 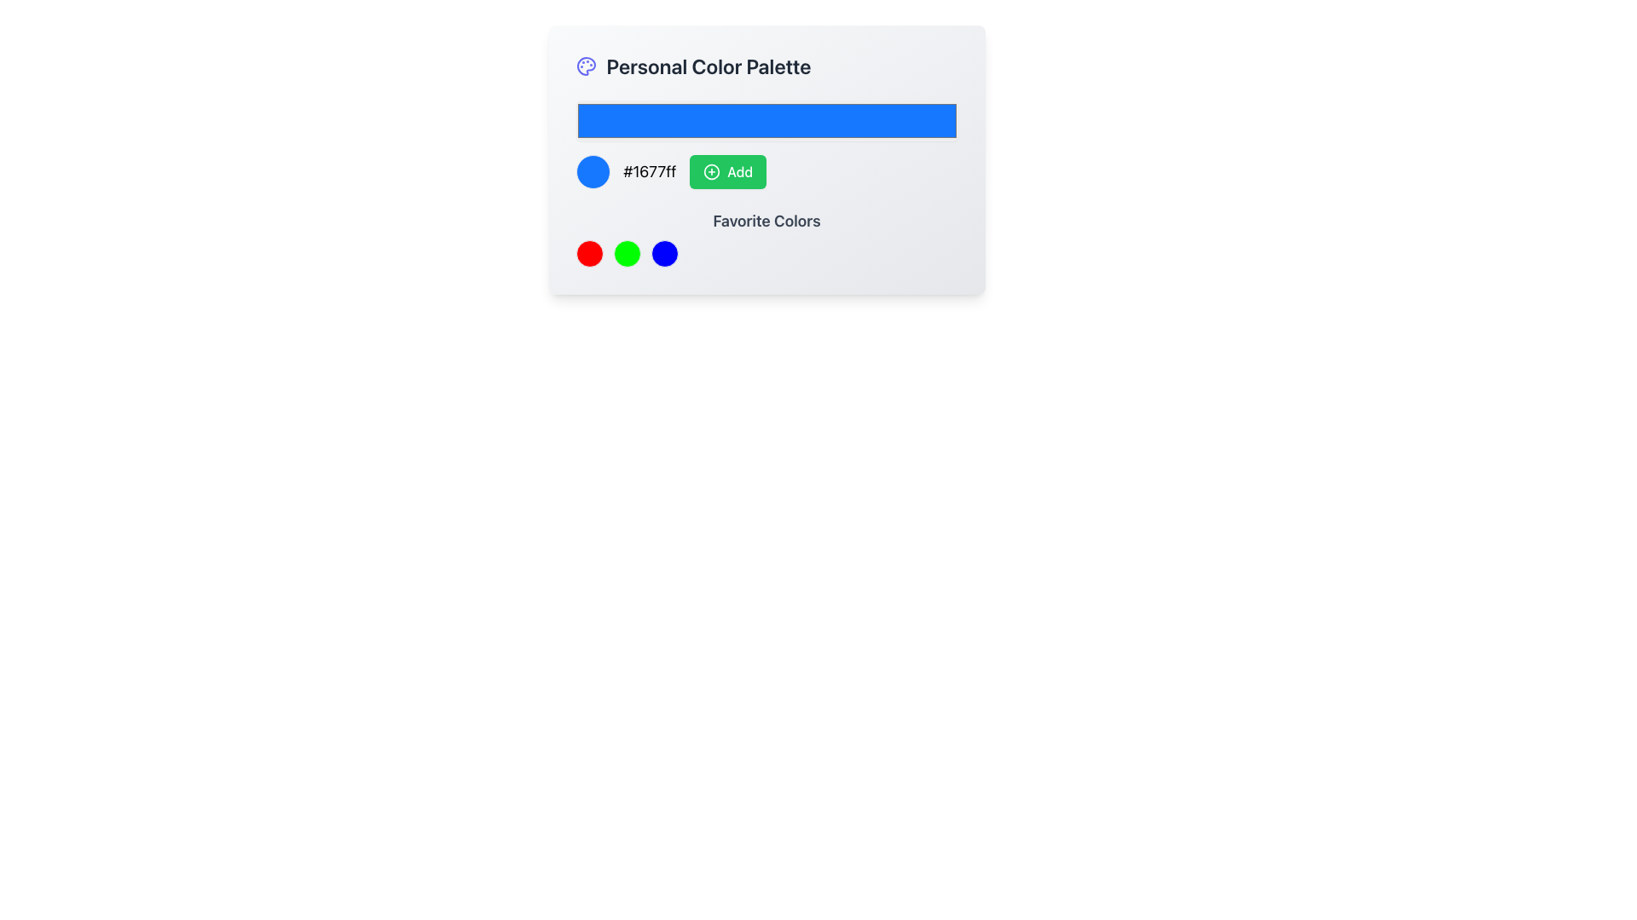 I want to click on the circular indigo palette icon with paint blob cutouts located in the top-left corner of the 'Personal Color Palette' section, so click(x=586, y=65).